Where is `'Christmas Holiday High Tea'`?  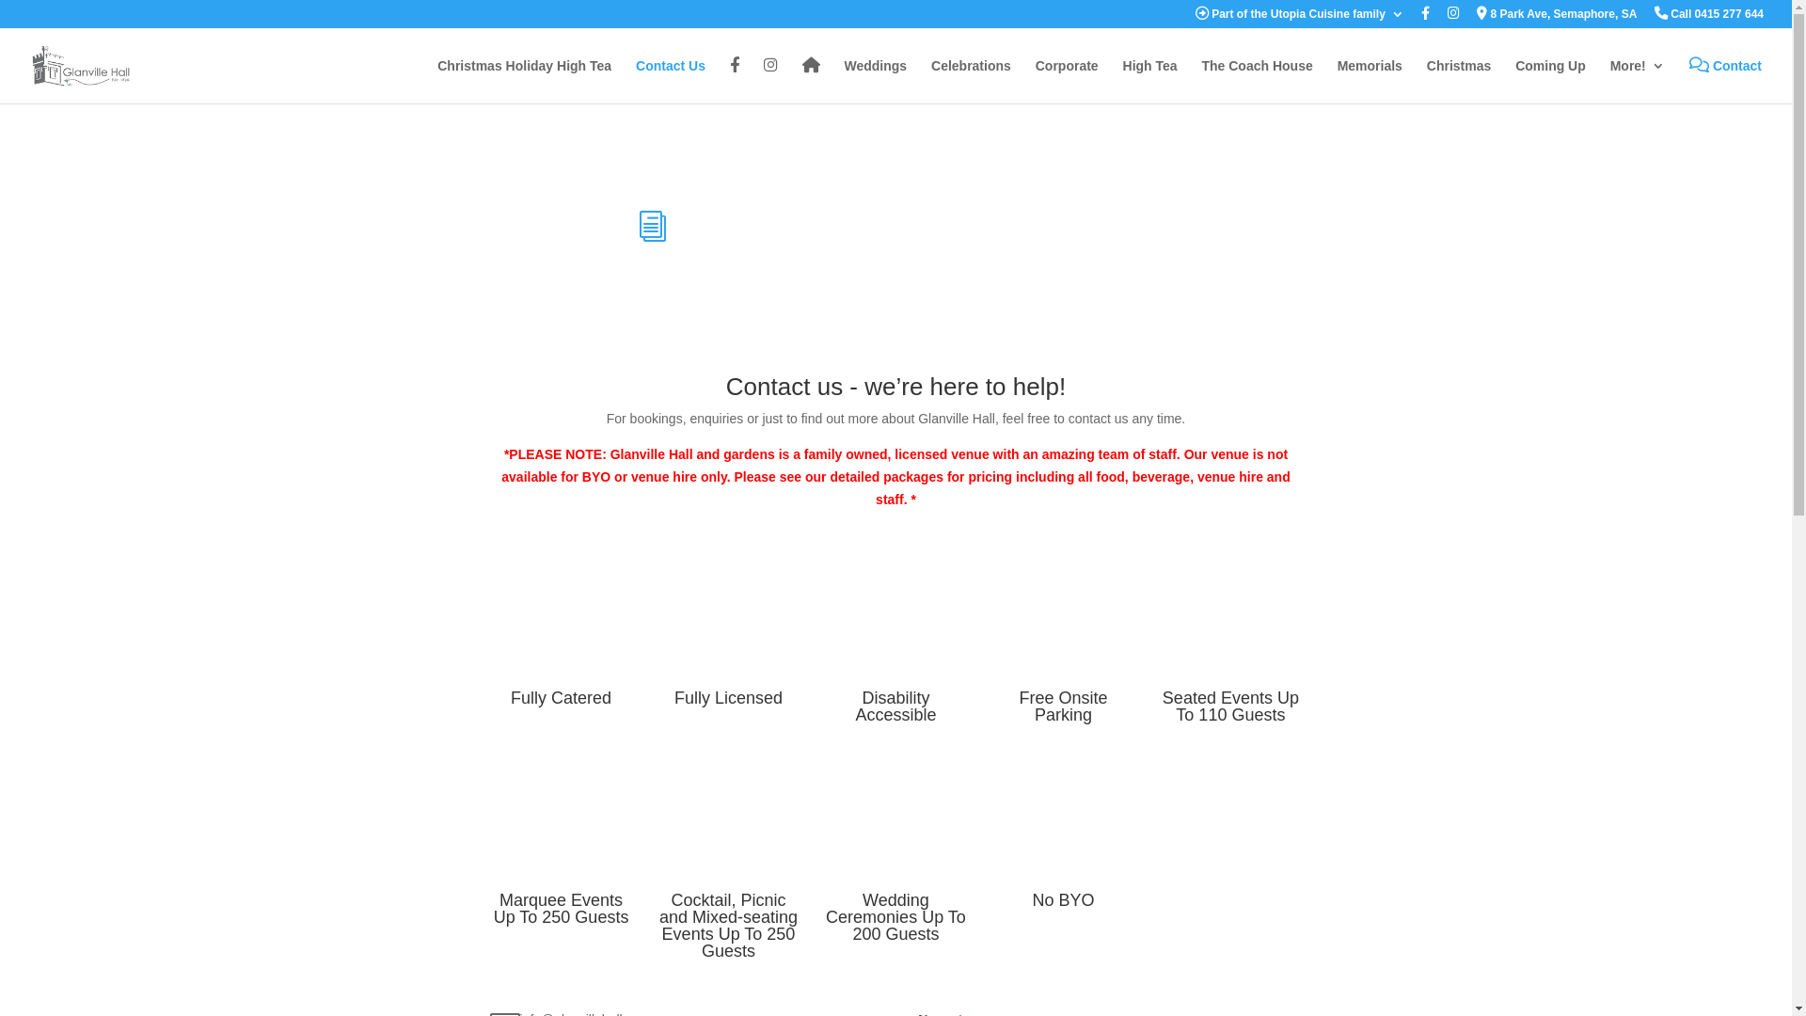 'Christmas Holiday High Tea' is located at coordinates (524, 80).